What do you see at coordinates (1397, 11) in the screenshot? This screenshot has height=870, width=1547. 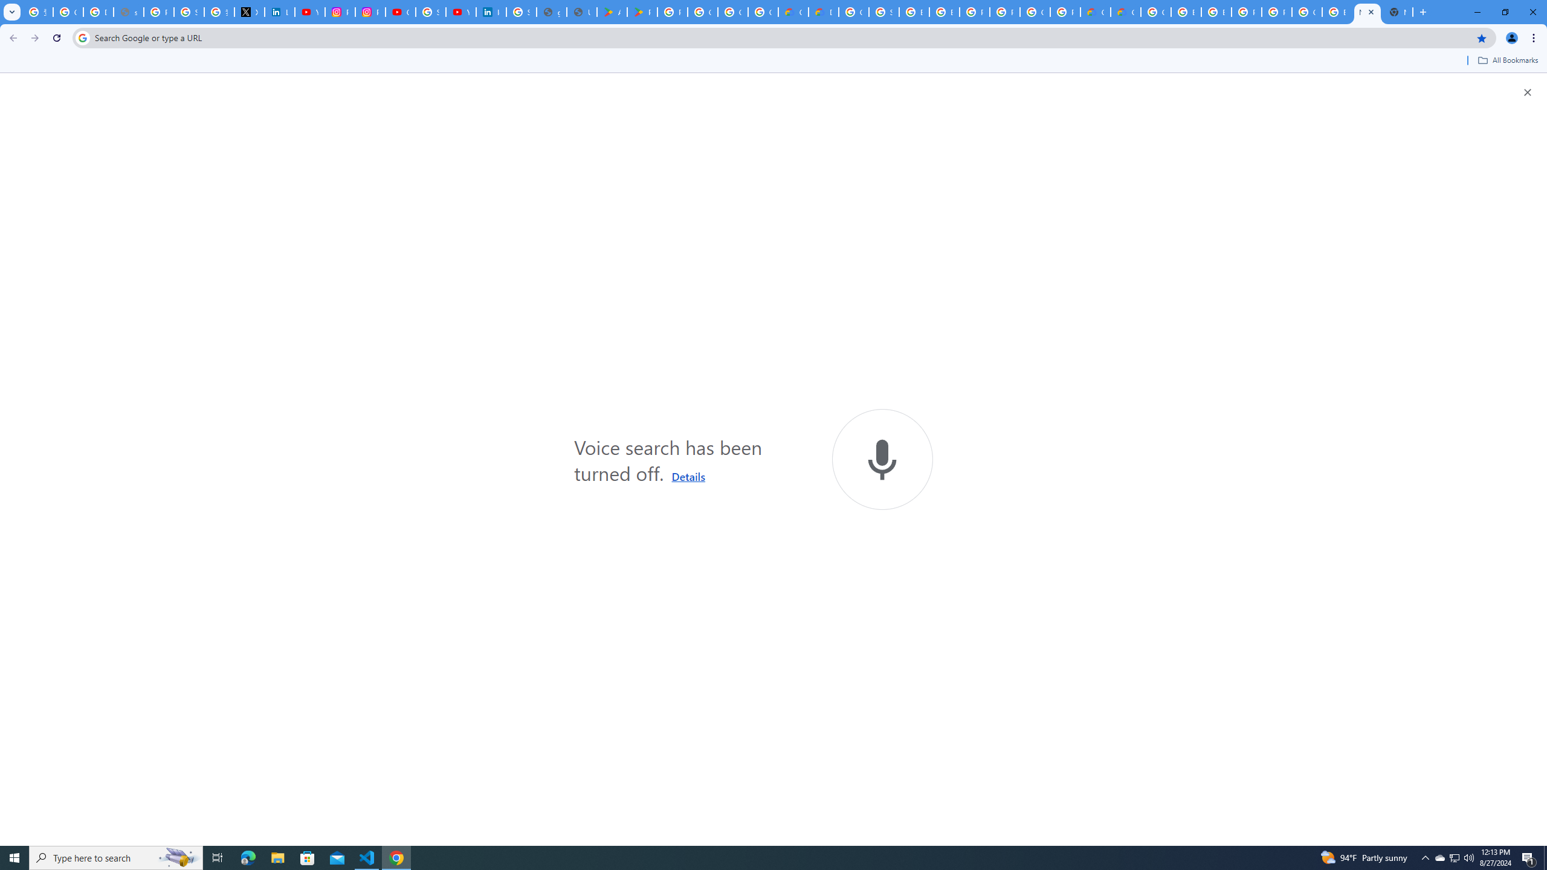 I see `'New Tab'` at bounding box center [1397, 11].